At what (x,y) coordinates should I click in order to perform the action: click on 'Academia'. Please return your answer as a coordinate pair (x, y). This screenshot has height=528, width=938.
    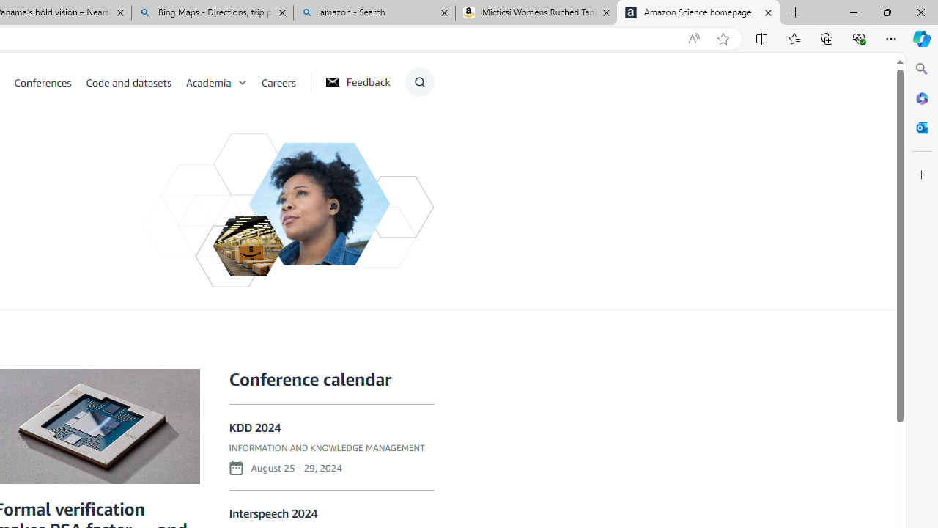
    Looking at the image, I should click on (223, 81).